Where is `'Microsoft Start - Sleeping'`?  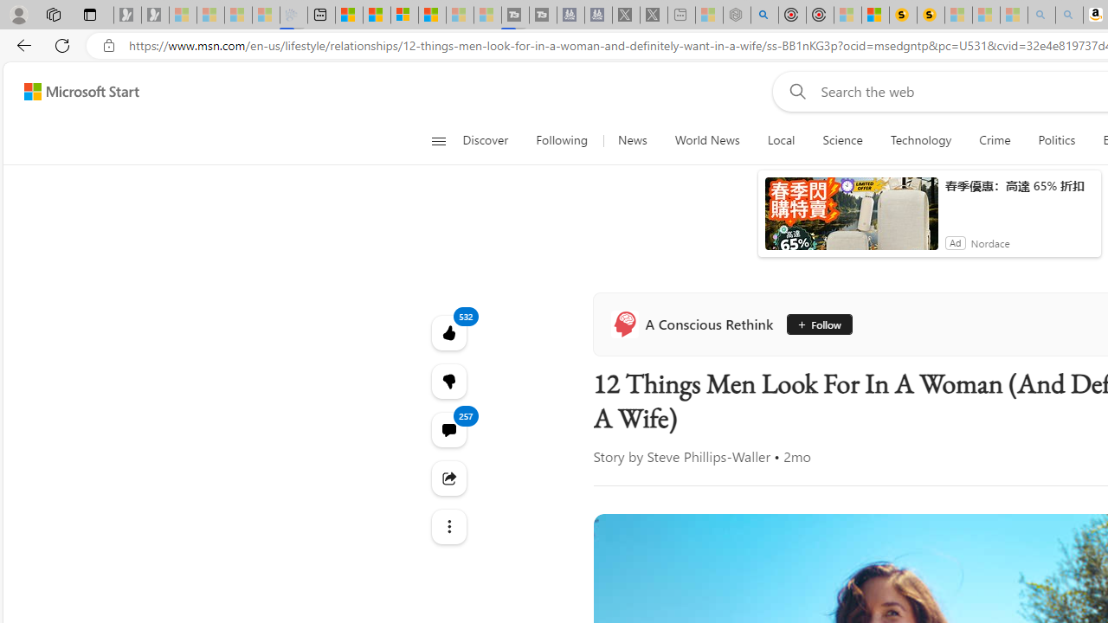
'Microsoft Start - Sleeping' is located at coordinates (460, 15).